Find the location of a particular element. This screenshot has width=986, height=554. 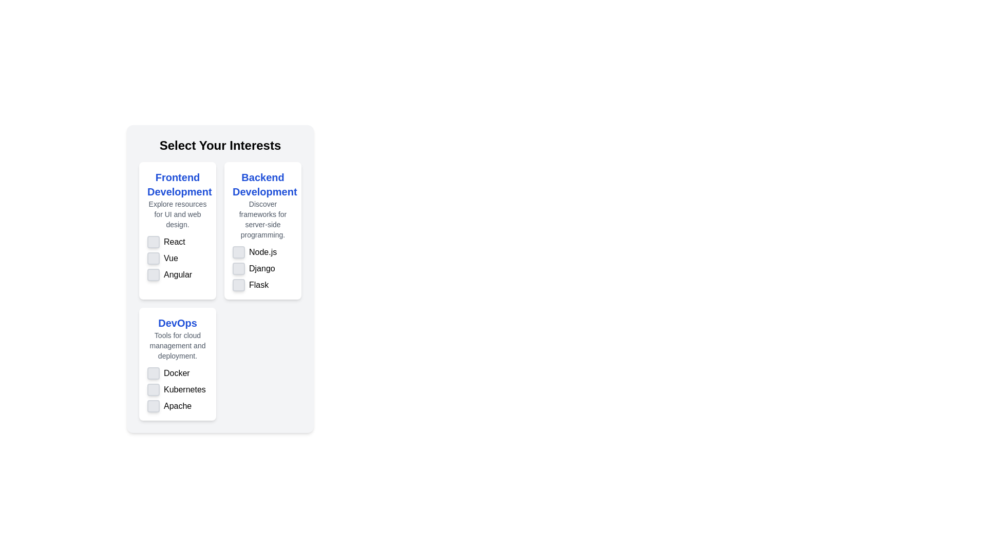

prominent text section labeled 'DevOps' in bold blue font, located at the top of the third card, below the 'Frontend Development' and 'Backend Development' cards is located at coordinates (177, 338).